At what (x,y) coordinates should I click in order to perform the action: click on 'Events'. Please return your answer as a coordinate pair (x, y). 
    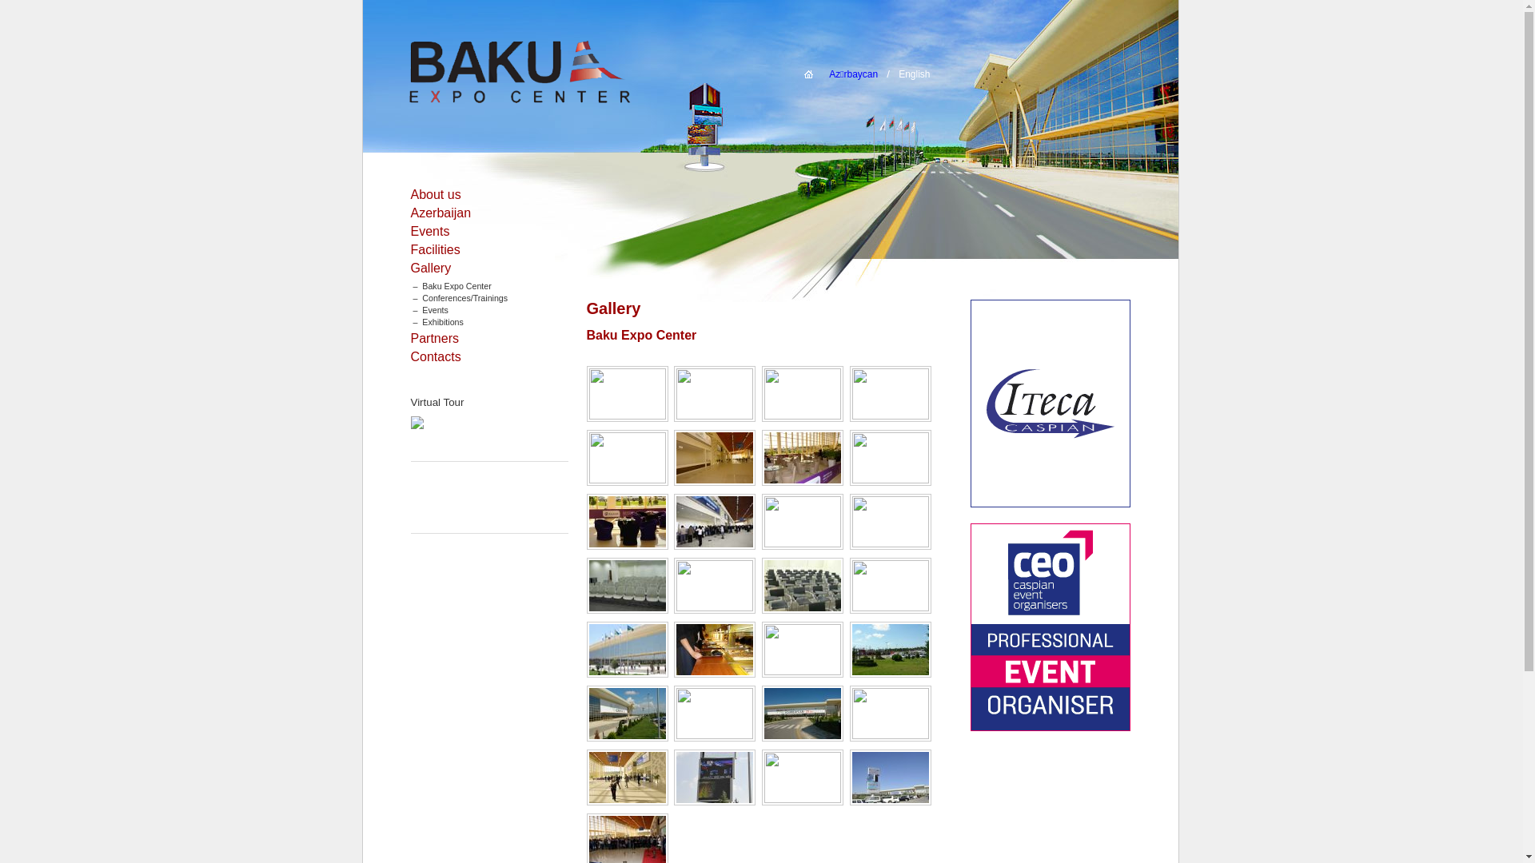
    Looking at the image, I should click on (430, 231).